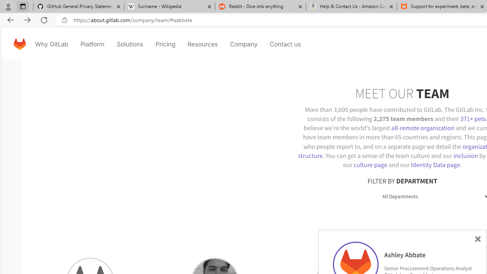  Describe the element at coordinates (79, 6) in the screenshot. I see `'GitHub General Privacy Statement - GitHub Docs'` at that location.